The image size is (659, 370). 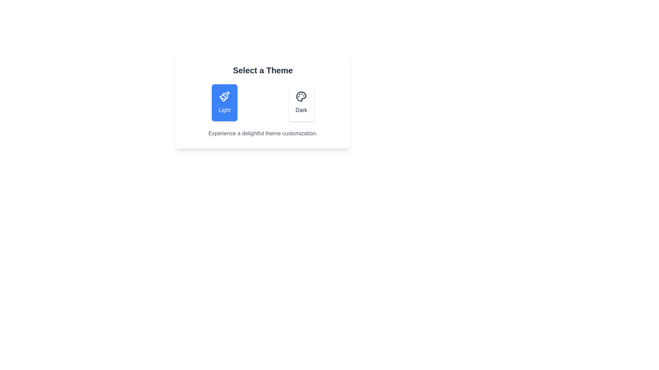 What do you see at coordinates (301, 103) in the screenshot?
I see `the 'Dark' theme button to select the dark theme` at bounding box center [301, 103].